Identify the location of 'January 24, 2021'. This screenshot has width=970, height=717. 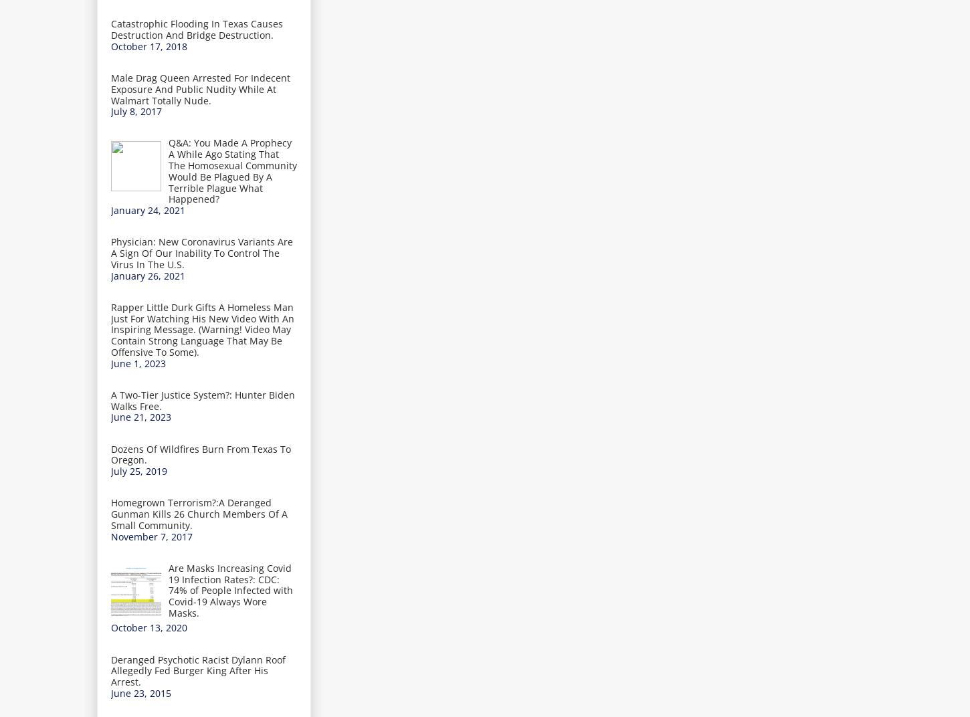
(147, 209).